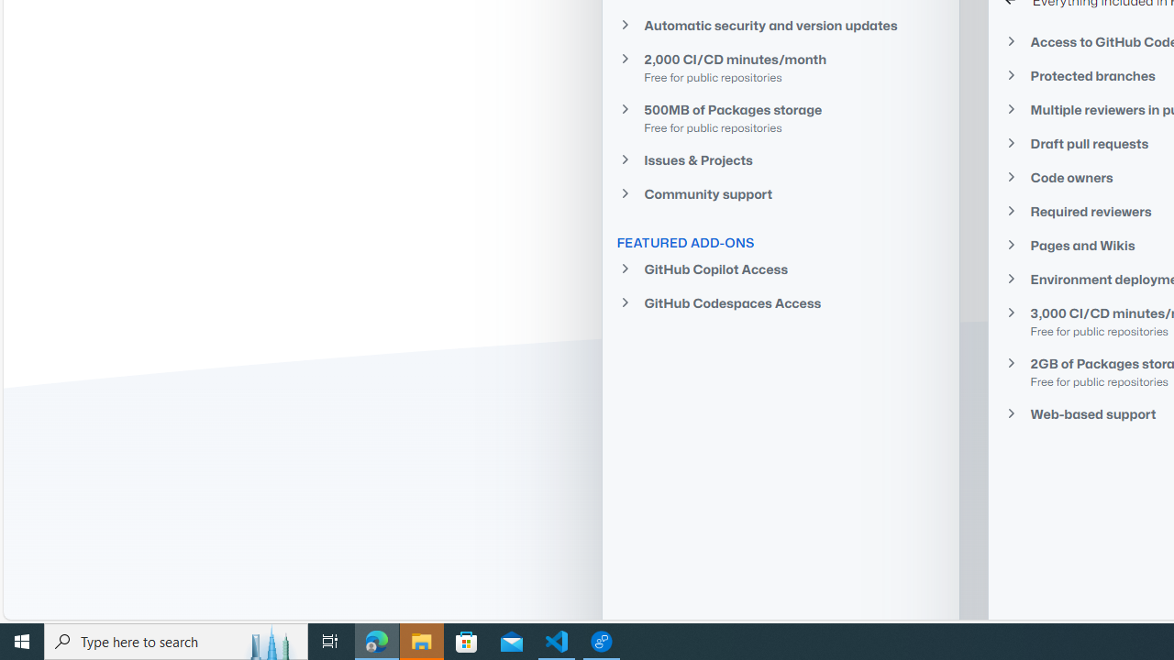  Describe the element at coordinates (781, 193) in the screenshot. I see `'Community support'` at that location.